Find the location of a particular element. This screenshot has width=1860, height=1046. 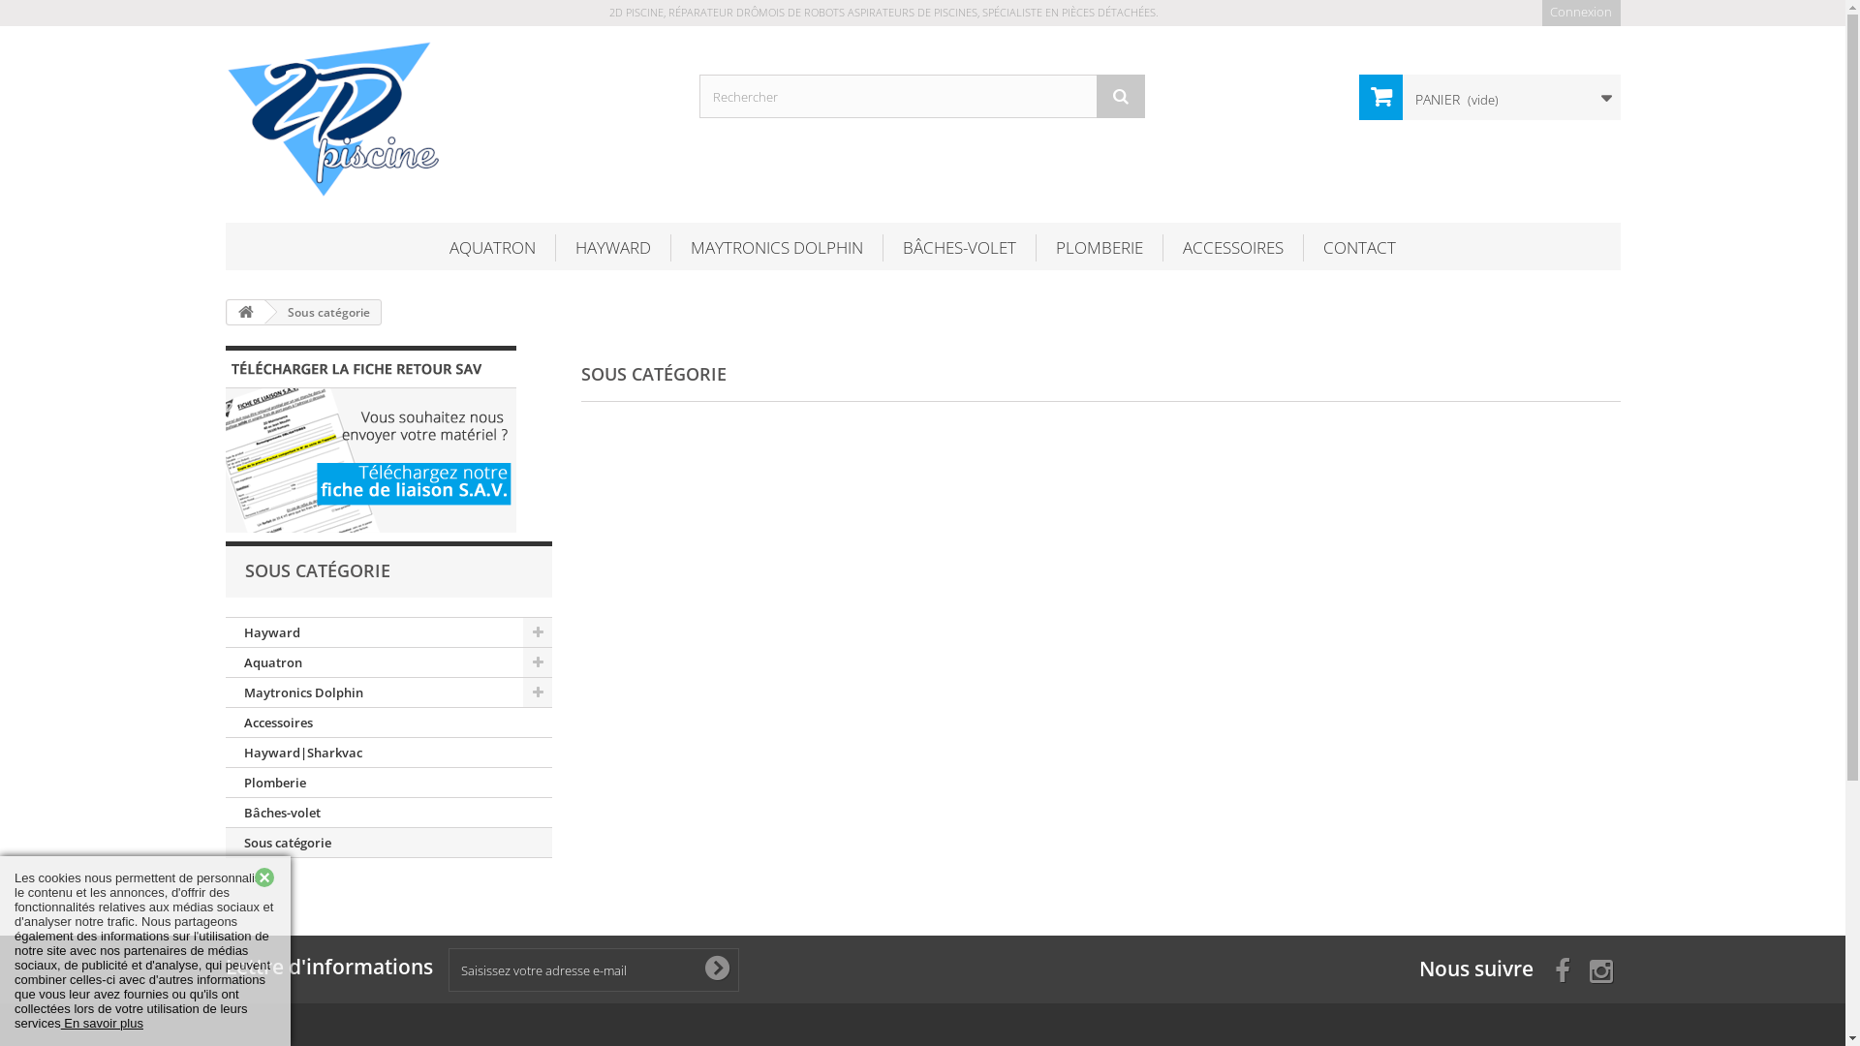

'AQUATRON' is located at coordinates (429, 246).